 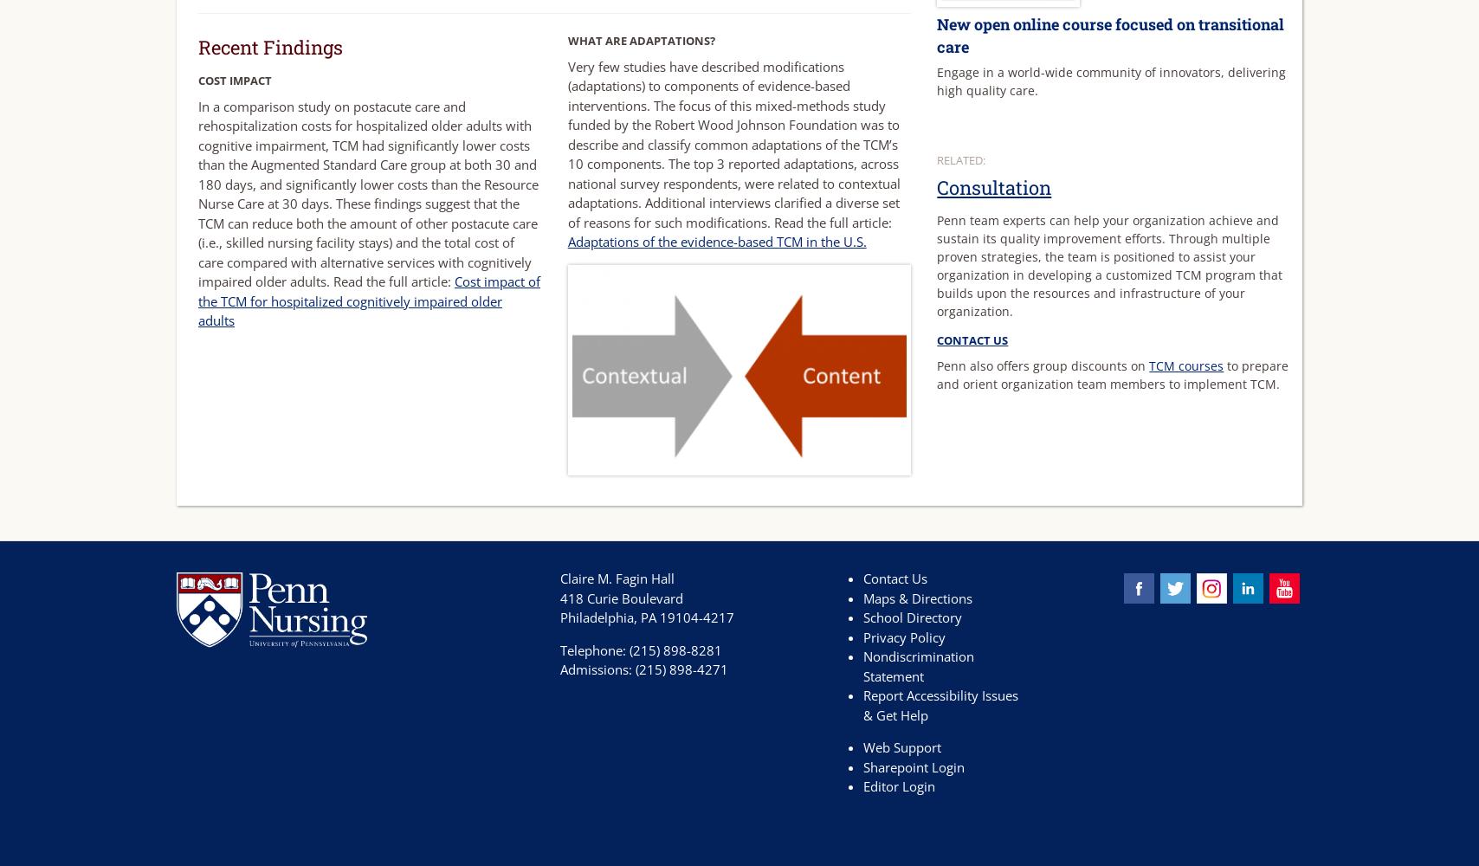 I want to click on 'Recent Findings', so click(x=270, y=46).